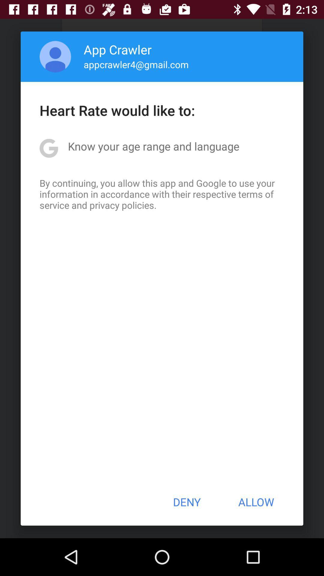  What do you see at coordinates (153, 146) in the screenshot?
I see `know your age item` at bounding box center [153, 146].